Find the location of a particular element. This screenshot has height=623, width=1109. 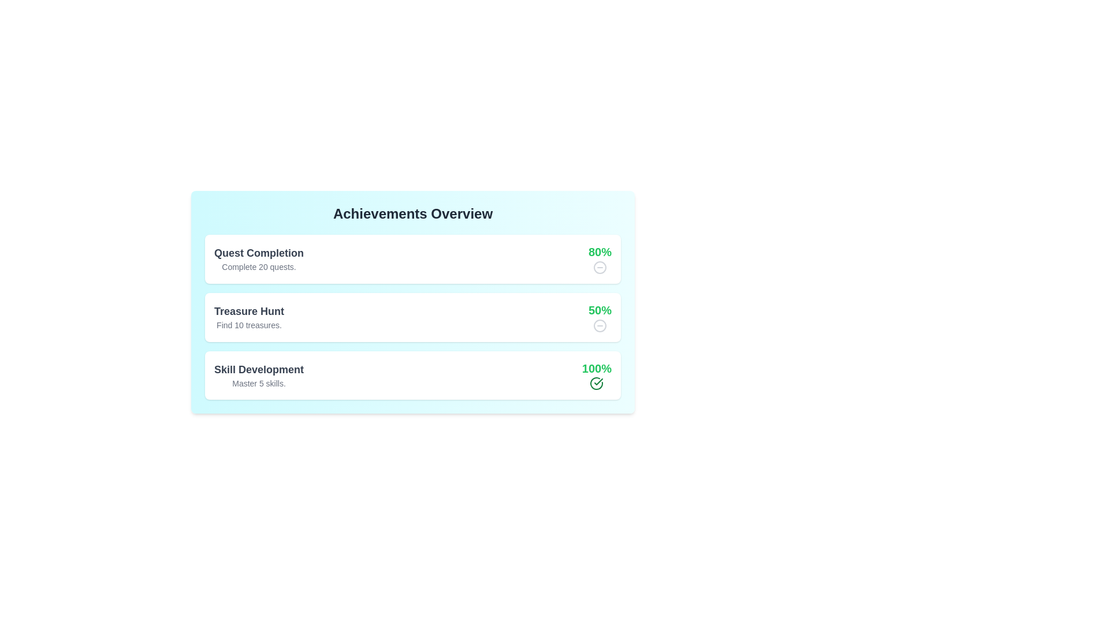

the Statistical indicator with the text '80%' and circular minus sign icon located in the top-right corner of the 'Quest Completion' section is located at coordinates (600, 258).